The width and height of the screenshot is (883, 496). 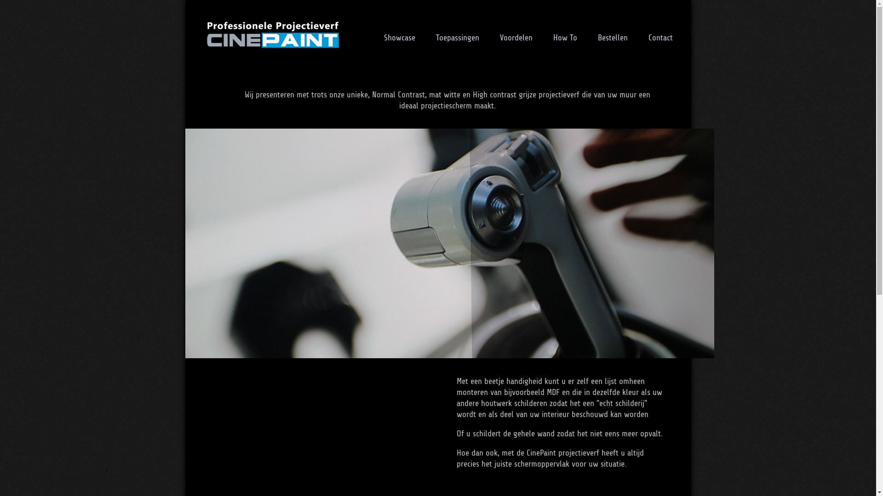 What do you see at coordinates (374, 37) in the screenshot?
I see `'Showcase'` at bounding box center [374, 37].